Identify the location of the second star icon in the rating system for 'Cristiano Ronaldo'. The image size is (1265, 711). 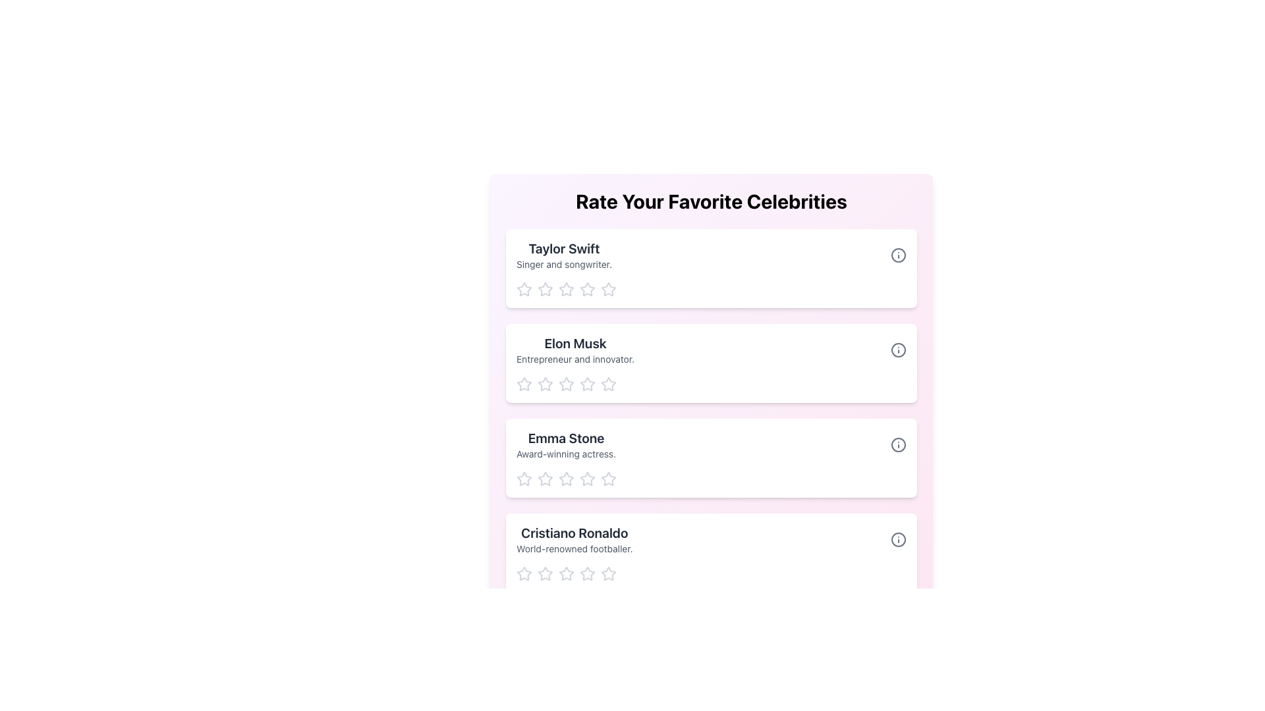
(587, 573).